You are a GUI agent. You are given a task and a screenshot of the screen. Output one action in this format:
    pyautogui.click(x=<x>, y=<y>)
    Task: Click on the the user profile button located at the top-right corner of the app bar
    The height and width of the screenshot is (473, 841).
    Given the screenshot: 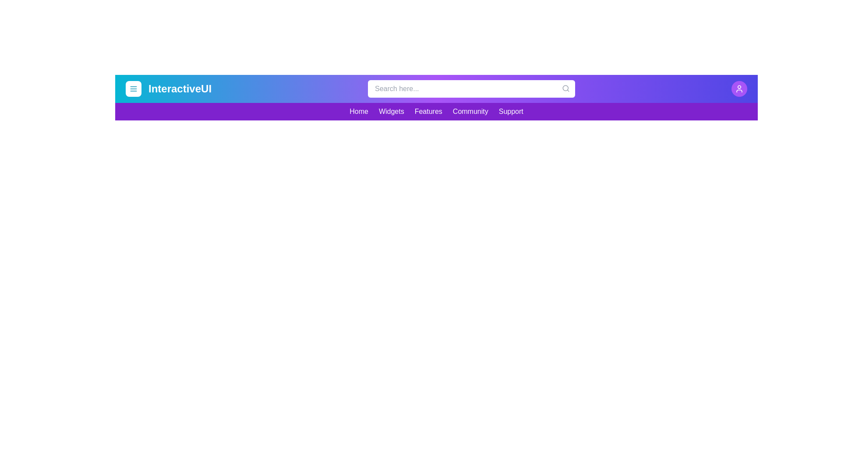 What is the action you would take?
    pyautogui.click(x=739, y=89)
    